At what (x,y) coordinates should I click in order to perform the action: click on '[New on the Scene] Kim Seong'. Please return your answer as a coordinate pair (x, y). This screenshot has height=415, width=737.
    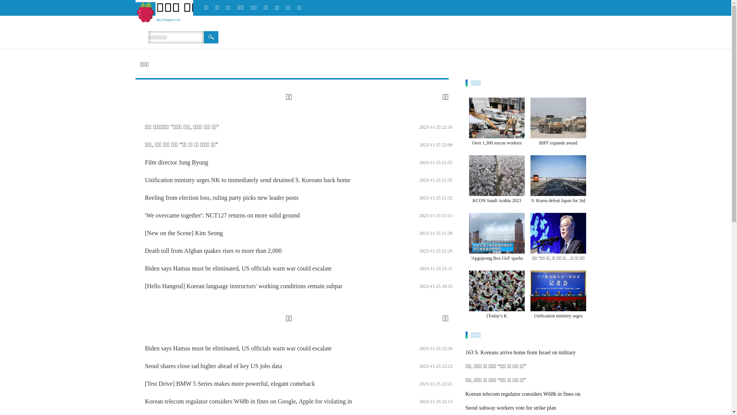
    Looking at the image, I should click on (183, 232).